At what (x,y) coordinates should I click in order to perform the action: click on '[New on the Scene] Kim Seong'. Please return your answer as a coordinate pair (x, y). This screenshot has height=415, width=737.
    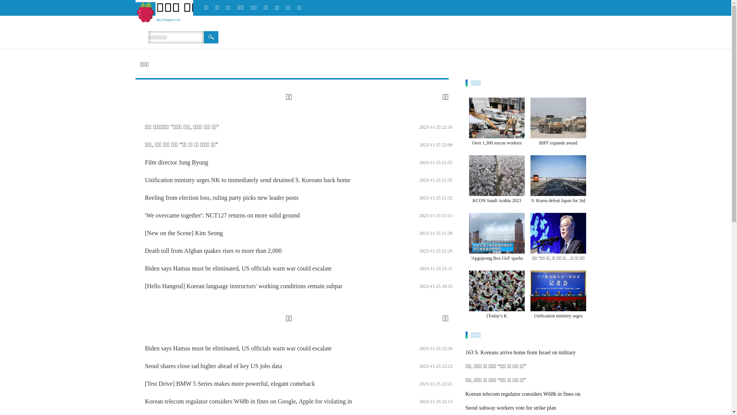
    Looking at the image, I should click on (183, 232).